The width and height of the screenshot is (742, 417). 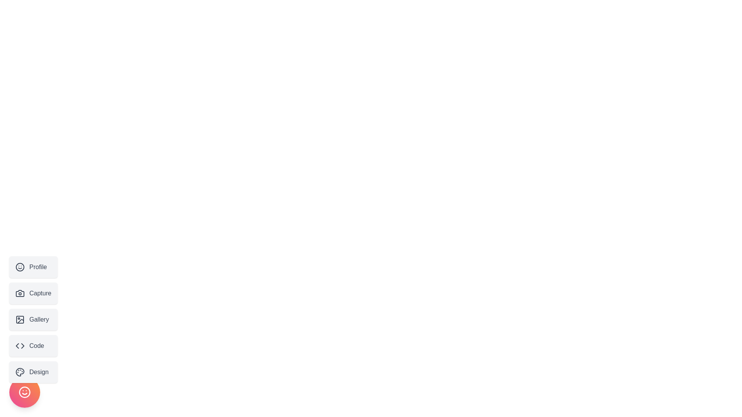 What do you see at coordinates (40, 293) in the screenshot?
I see `the text label displaying the word 'Capture', which is part of a button-like component in a vertical menu layout` at bounding box center [40, 293].